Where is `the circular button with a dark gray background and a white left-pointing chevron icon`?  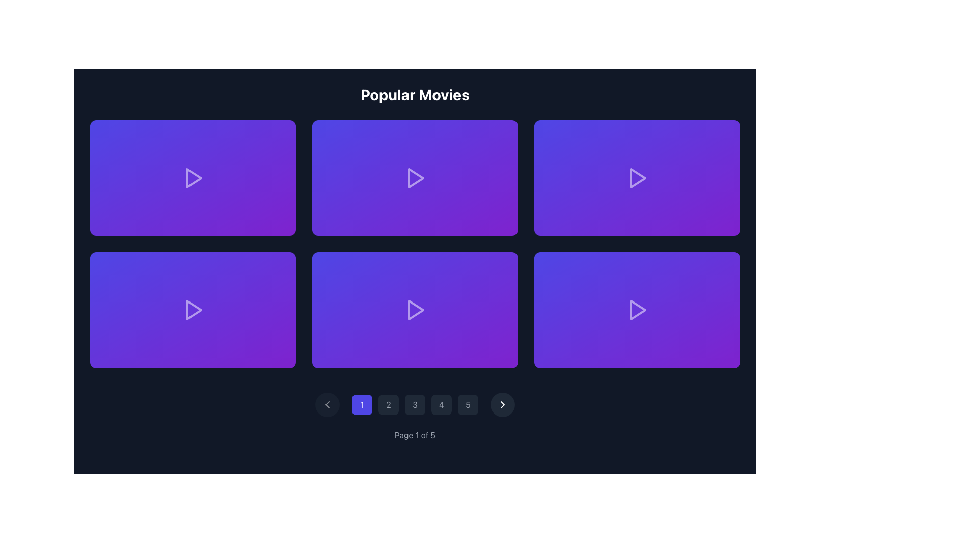 the circular button with a dark gray background and a white left-pointing chevron icon is located at coordinates (328, 404).